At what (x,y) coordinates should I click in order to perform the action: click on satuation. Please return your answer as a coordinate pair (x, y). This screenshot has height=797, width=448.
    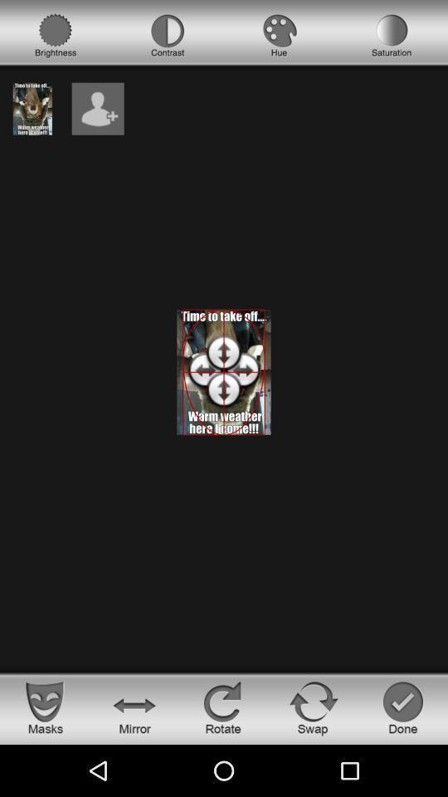
    Looking at the image, I should click on (392, 35).